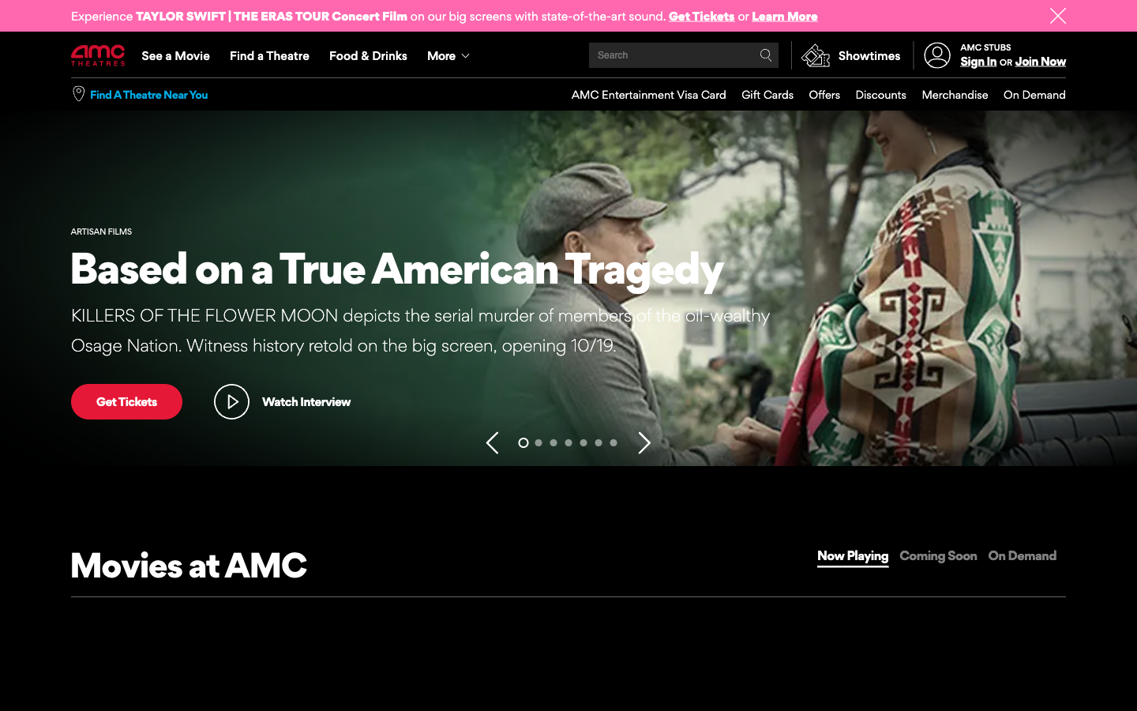 This screenshot has height=711, width=1137. I want to click on the video and stop it momentarily, so click(282, 401).